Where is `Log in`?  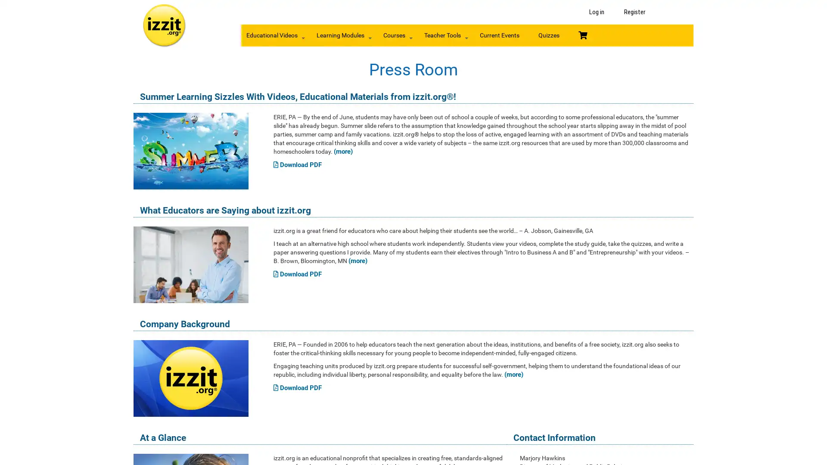 Log in is located at coordinates (596, 12).